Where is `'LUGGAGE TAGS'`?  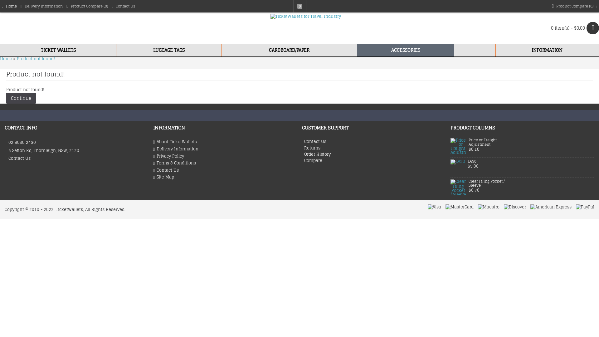
'LUGGAGE TAGS' is located at coordinates (169, 50).